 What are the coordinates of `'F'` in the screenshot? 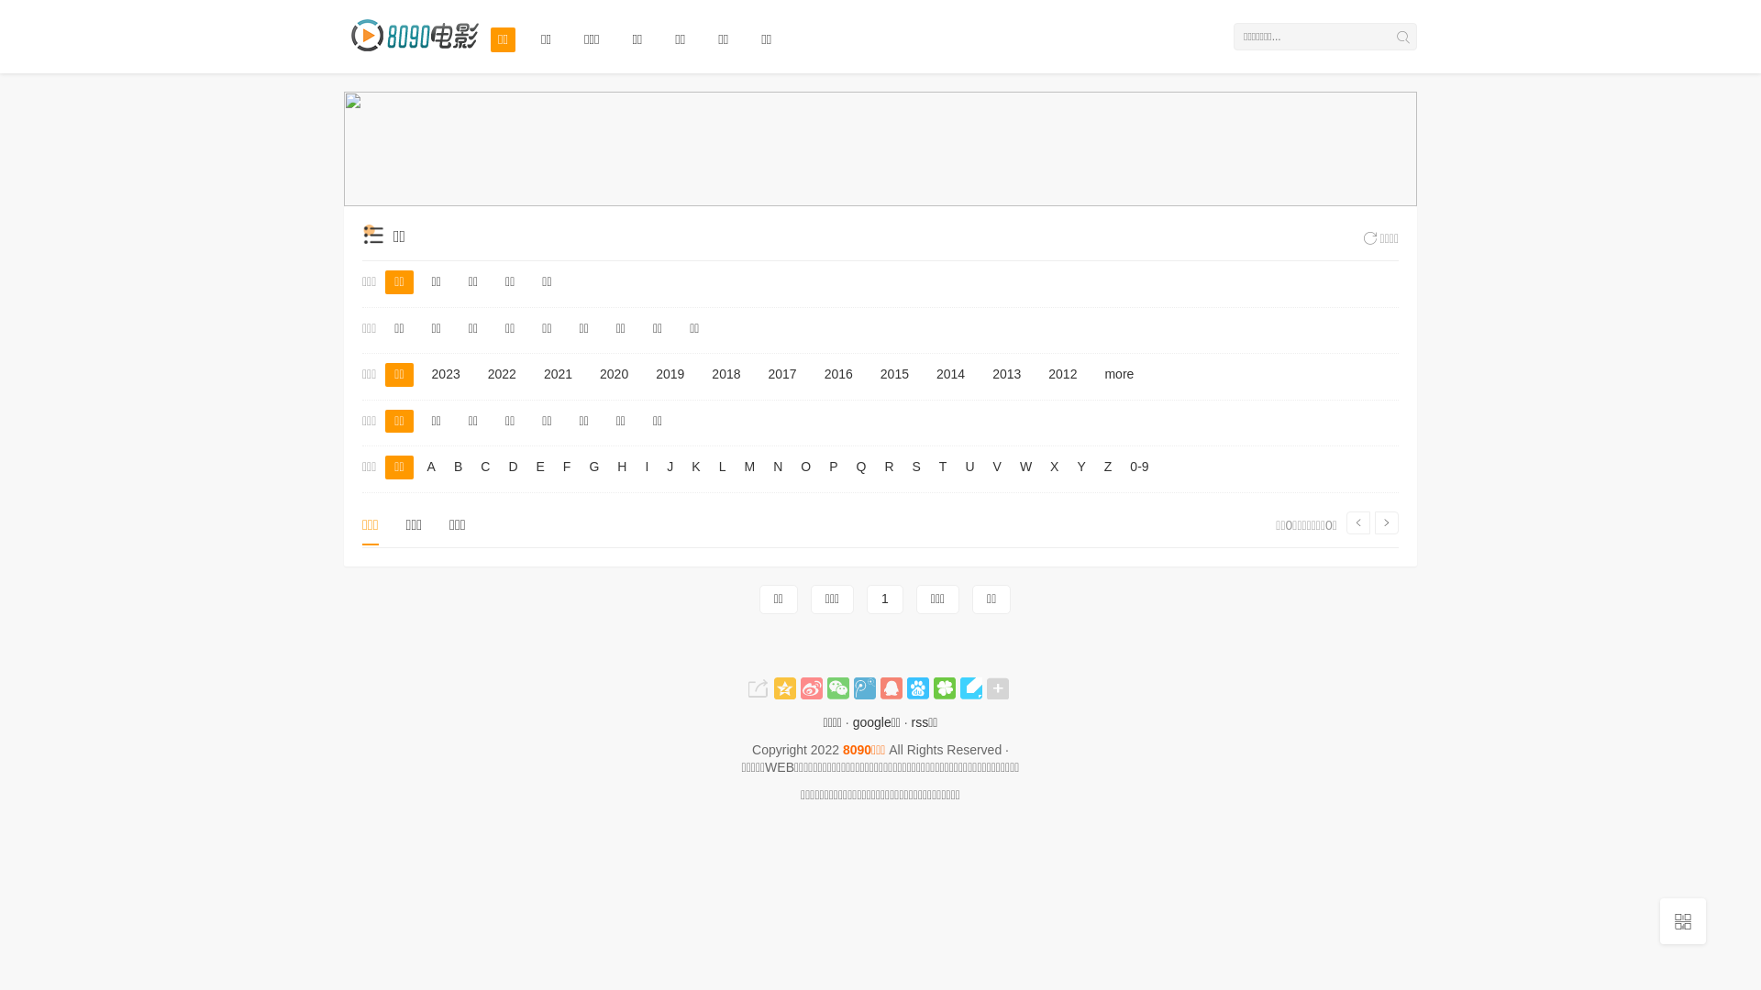 It's located at (566, 466).